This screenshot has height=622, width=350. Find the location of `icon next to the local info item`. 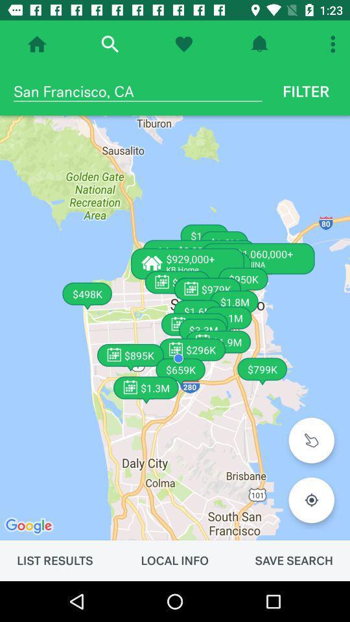

icon next to the local info item is located at coordinates (294, 560).